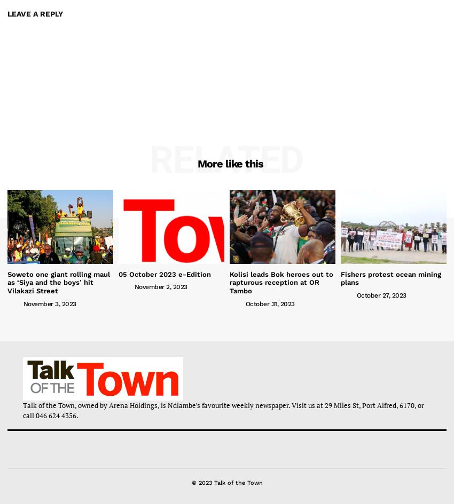 Image resolution: width=454 pixels, height=504 pixels. What do you see at coordinates (380, 295) in the screenshot?
I see `'October 27, 2023'` at bounding box center [380, 295].